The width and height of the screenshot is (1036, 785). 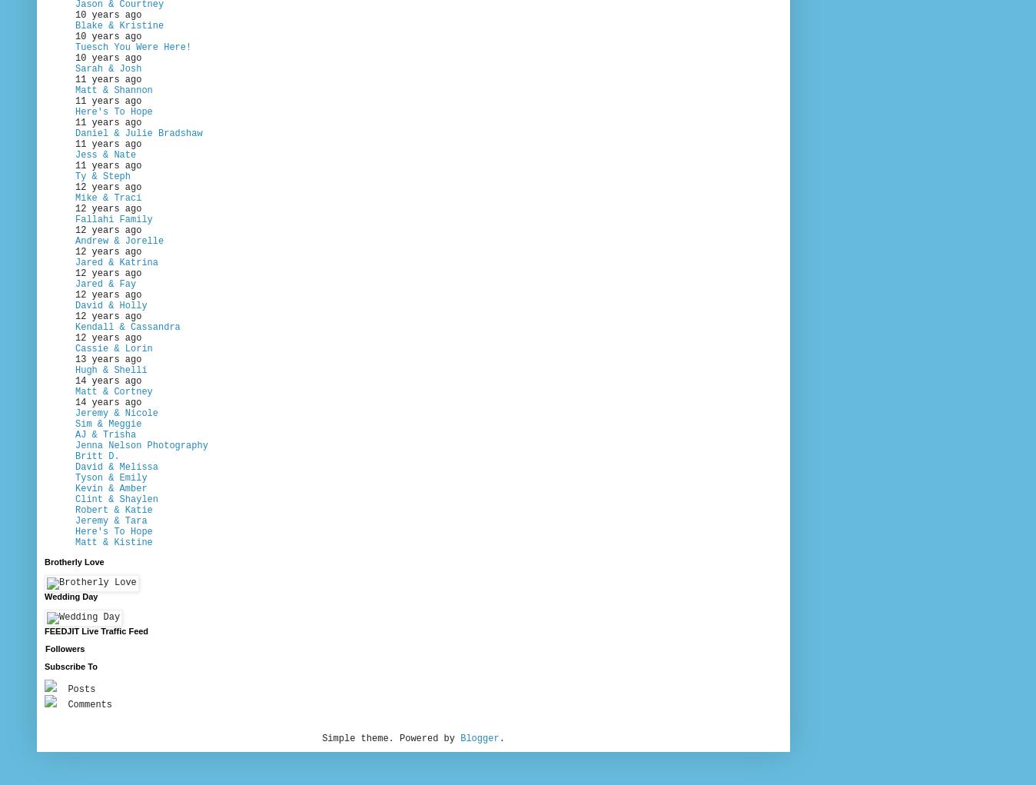 What do you see at coordinates (108, 68) in the screenshot?
I see `'Sarah & Josh'` at bounding box center [108, 68].